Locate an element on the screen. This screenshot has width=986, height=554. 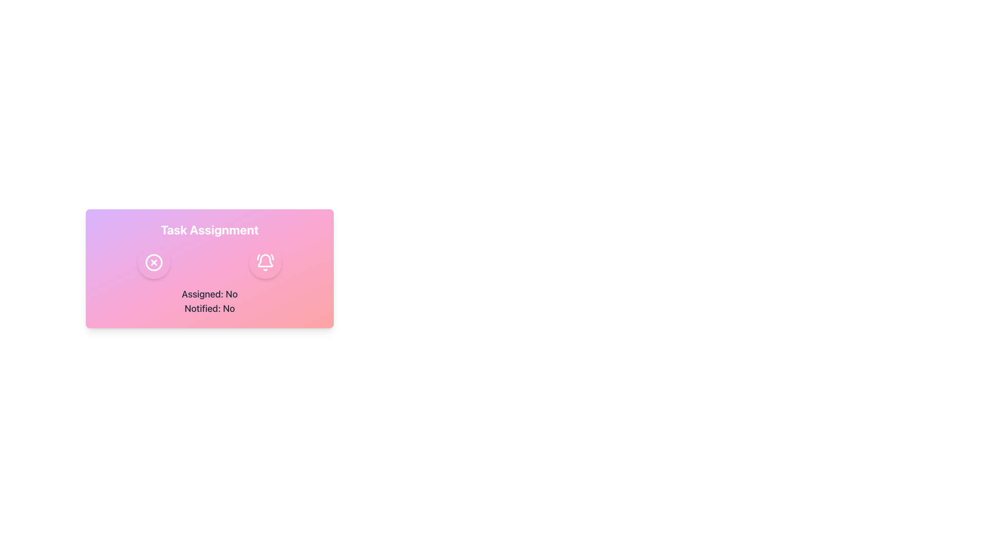
the circular button with a light gray background and a white bell icon at its center, which is the second button in a horizontal row within the pink card labeled 'Task Assignment' is located at coordinates (266, 262).